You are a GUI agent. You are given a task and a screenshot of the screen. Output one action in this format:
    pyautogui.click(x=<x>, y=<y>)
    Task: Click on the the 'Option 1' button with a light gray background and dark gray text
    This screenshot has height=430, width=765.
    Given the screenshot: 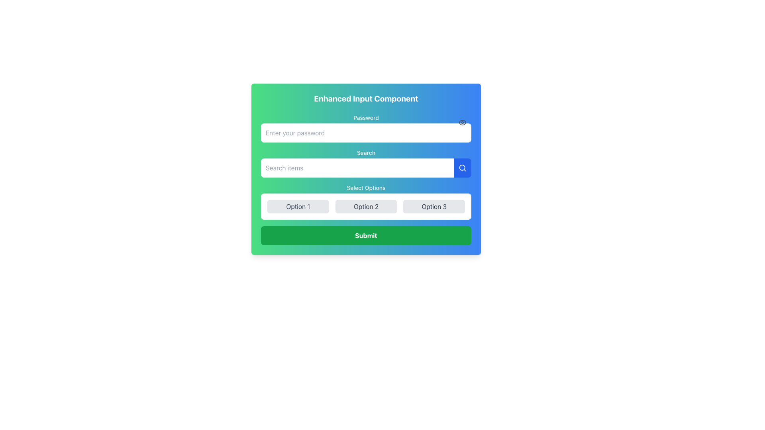 What is the action you would take?
    pyautogui.click(x=298, y=206)
    